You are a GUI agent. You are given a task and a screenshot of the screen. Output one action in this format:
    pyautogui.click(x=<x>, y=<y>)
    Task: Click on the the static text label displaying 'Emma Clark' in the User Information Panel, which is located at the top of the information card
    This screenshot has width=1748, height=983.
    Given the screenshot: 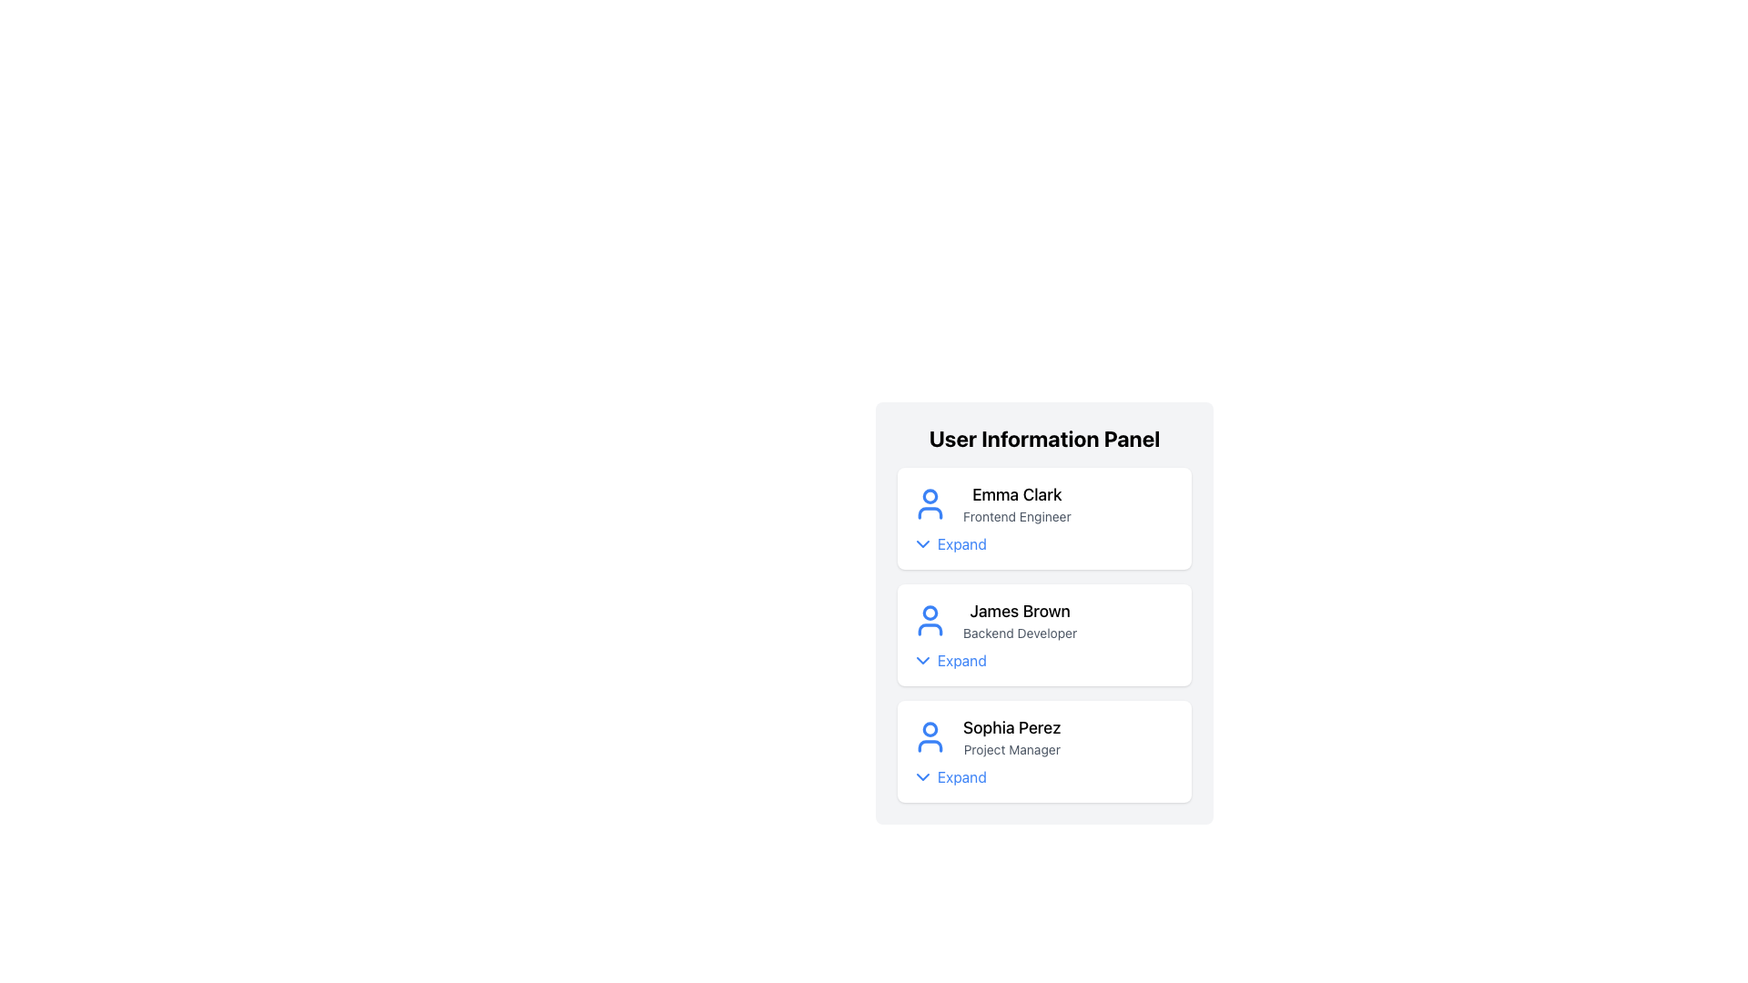 What is the action you would take?
    pyautogui.click(x=1016, y=494)
    